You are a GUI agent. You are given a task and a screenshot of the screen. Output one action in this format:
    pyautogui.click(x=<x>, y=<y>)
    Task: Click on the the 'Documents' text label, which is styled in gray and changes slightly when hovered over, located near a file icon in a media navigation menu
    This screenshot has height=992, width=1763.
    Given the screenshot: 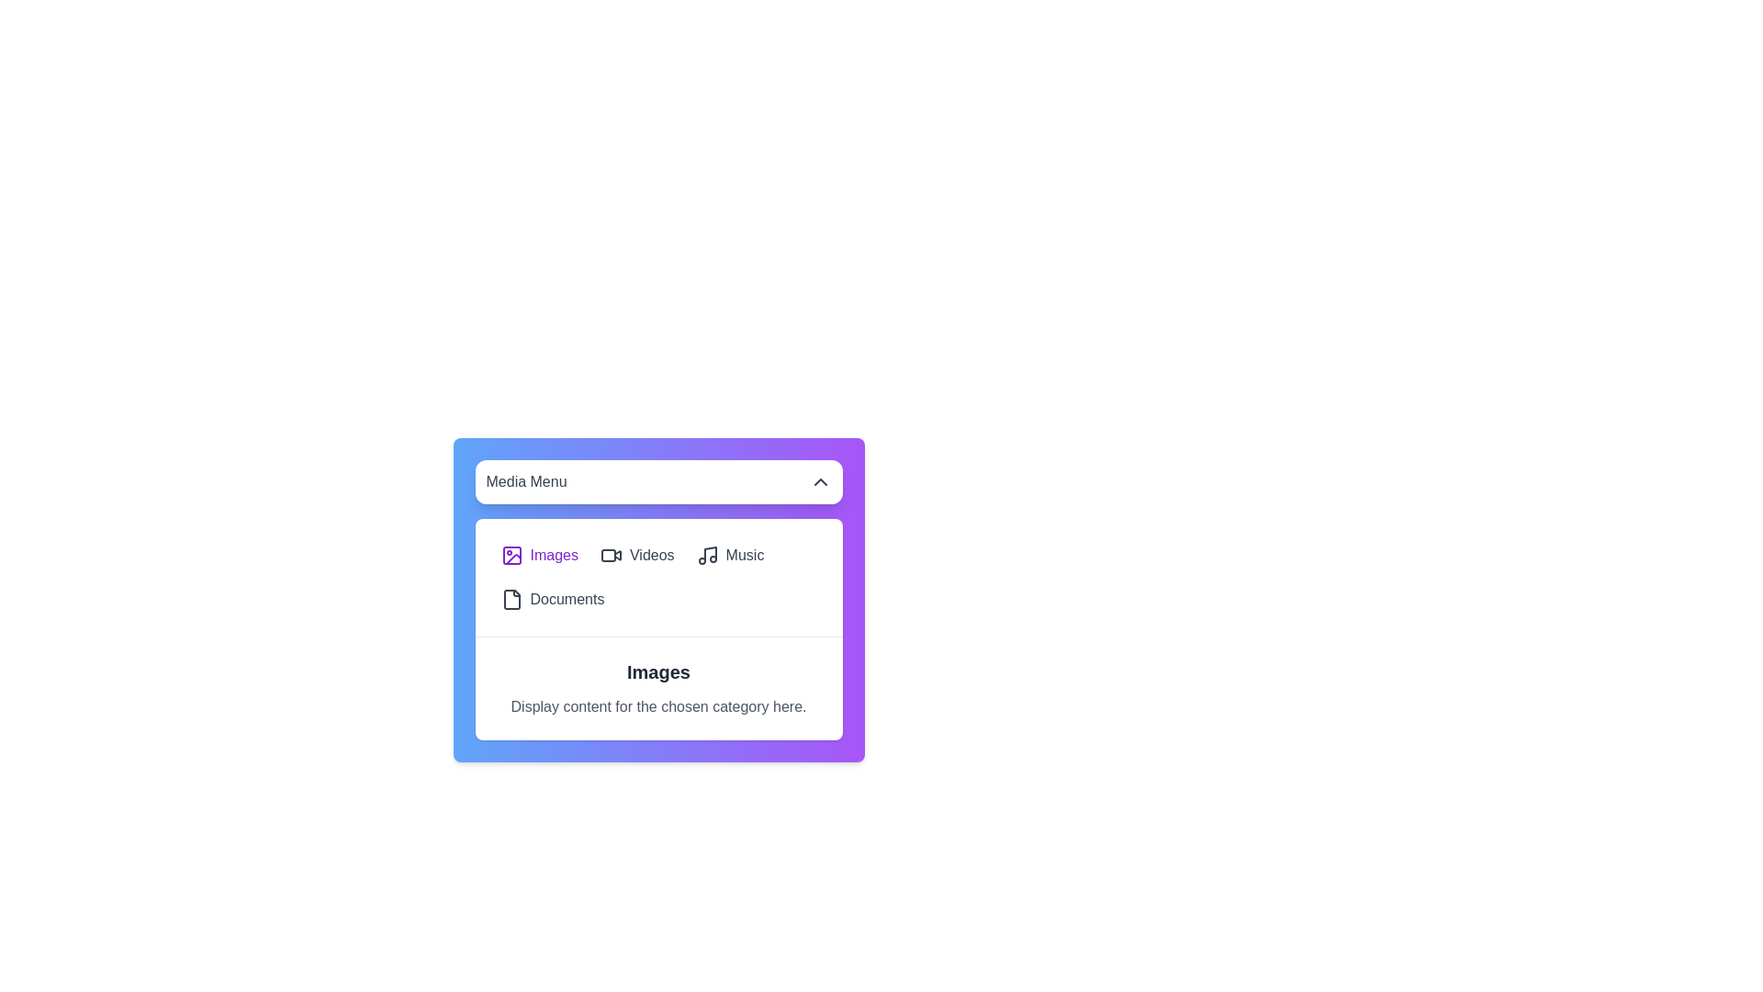 What is the action you would take?
    pyautogui.click(x=567, y=599)
    